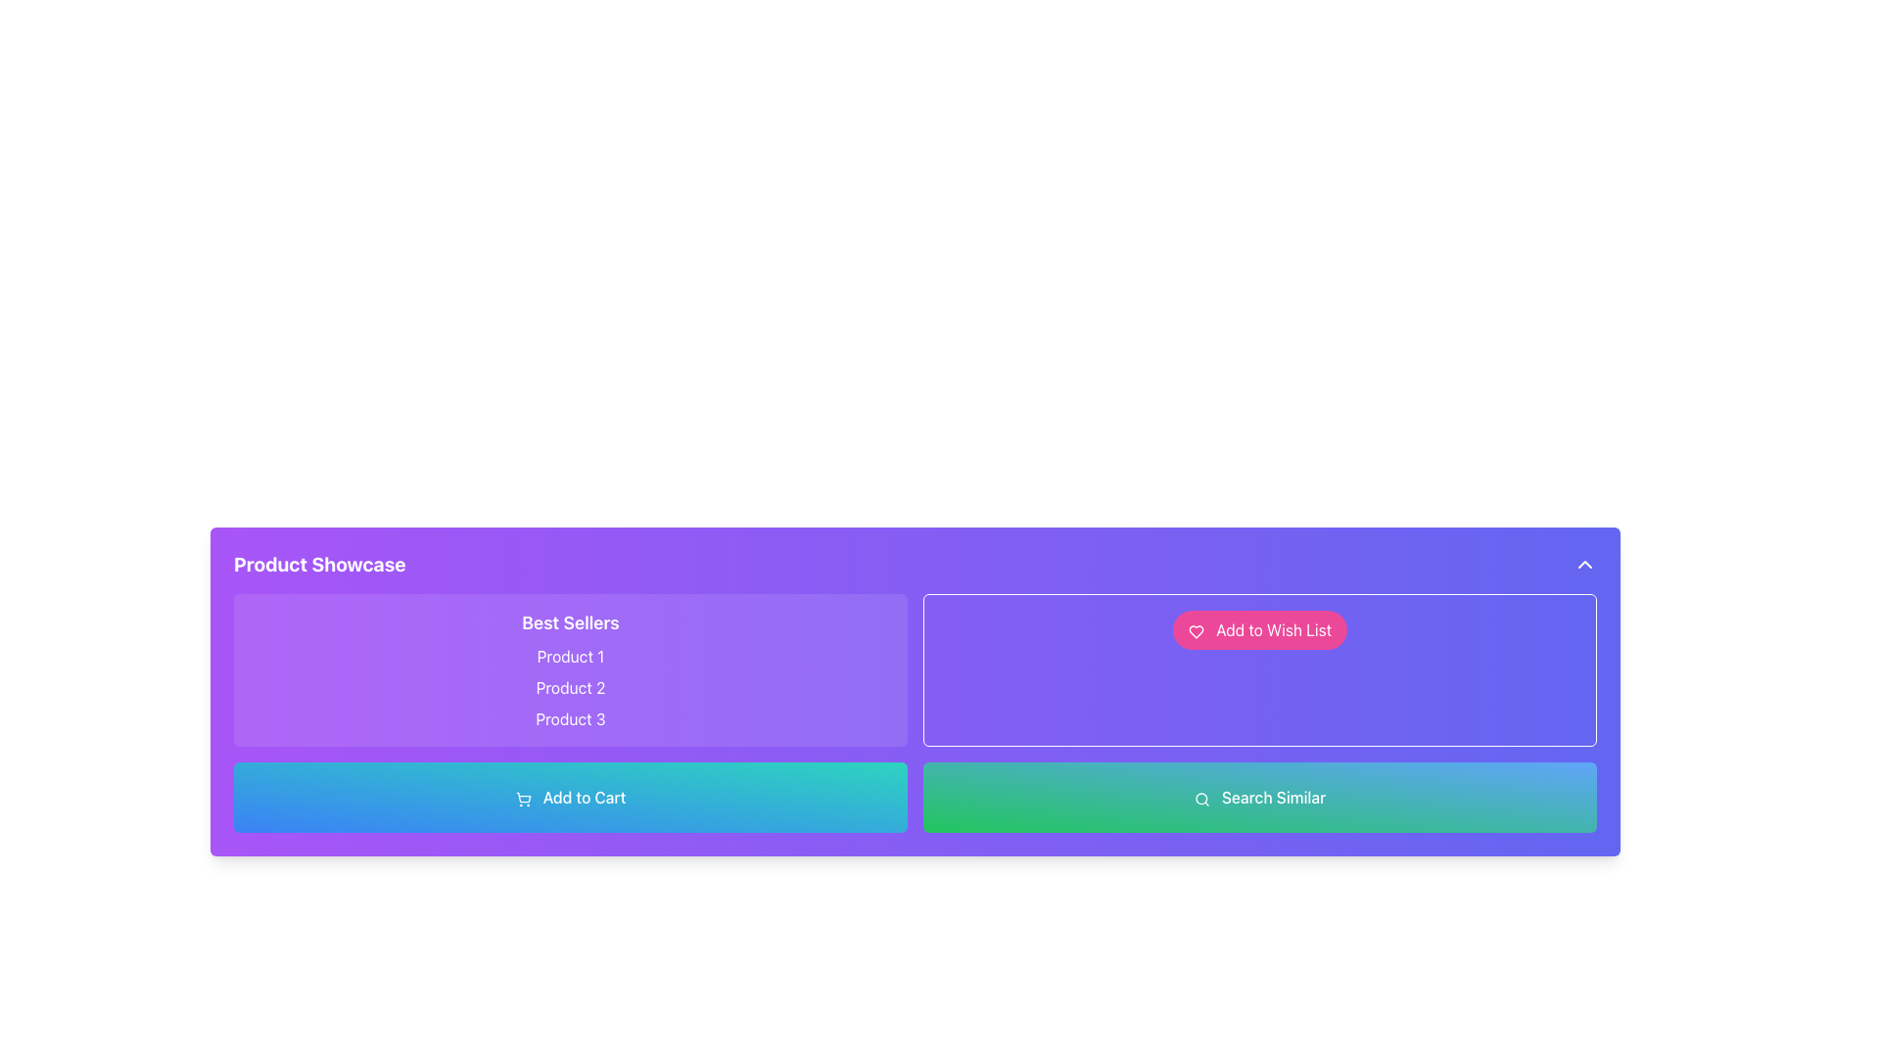 The height and width of the screenshot is (1057, 1880). Describe the element at coordinates (1195, 631) in the screenshot. I see `the small heart-shaped icon, which is styled with a pink fill and located at the center of the 'Add to Wish List' button in the upper right section of the interface` at that location.